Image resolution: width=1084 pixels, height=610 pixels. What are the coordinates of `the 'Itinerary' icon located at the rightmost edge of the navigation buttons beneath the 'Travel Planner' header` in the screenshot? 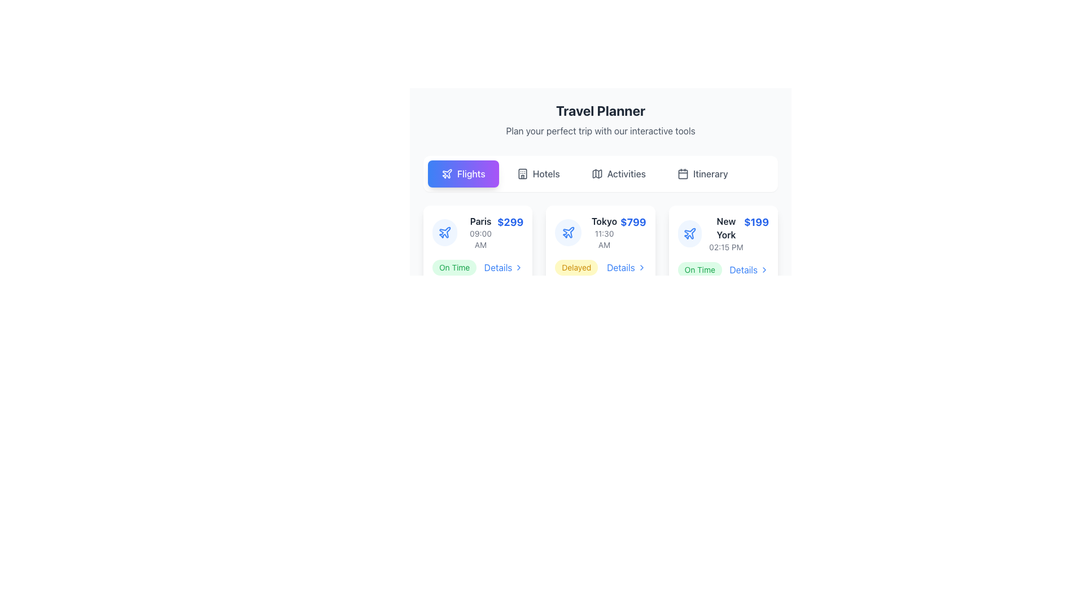 It's located at (682, 174).